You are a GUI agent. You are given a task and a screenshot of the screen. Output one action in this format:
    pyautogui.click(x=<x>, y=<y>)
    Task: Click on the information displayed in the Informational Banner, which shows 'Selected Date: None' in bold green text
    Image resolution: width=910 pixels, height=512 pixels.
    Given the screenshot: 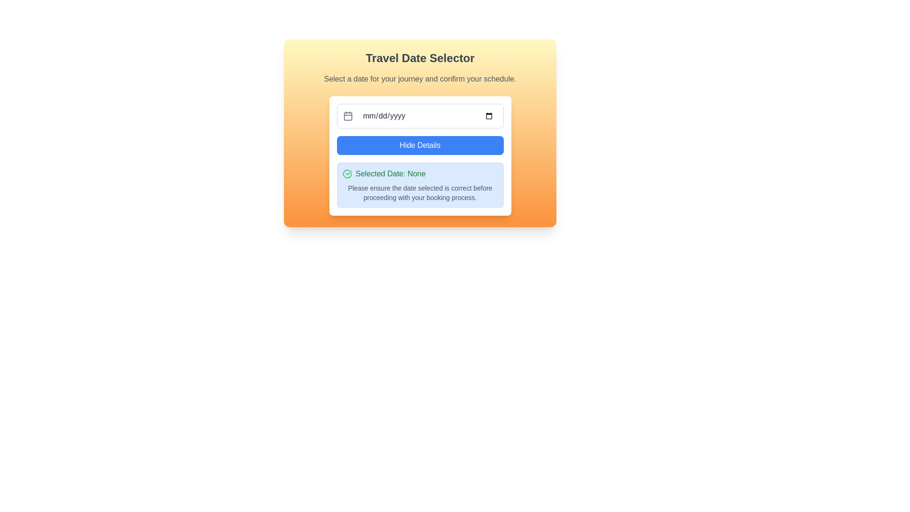 What is the action you would take?
    pyautogui.click(x=419, y=185)
    